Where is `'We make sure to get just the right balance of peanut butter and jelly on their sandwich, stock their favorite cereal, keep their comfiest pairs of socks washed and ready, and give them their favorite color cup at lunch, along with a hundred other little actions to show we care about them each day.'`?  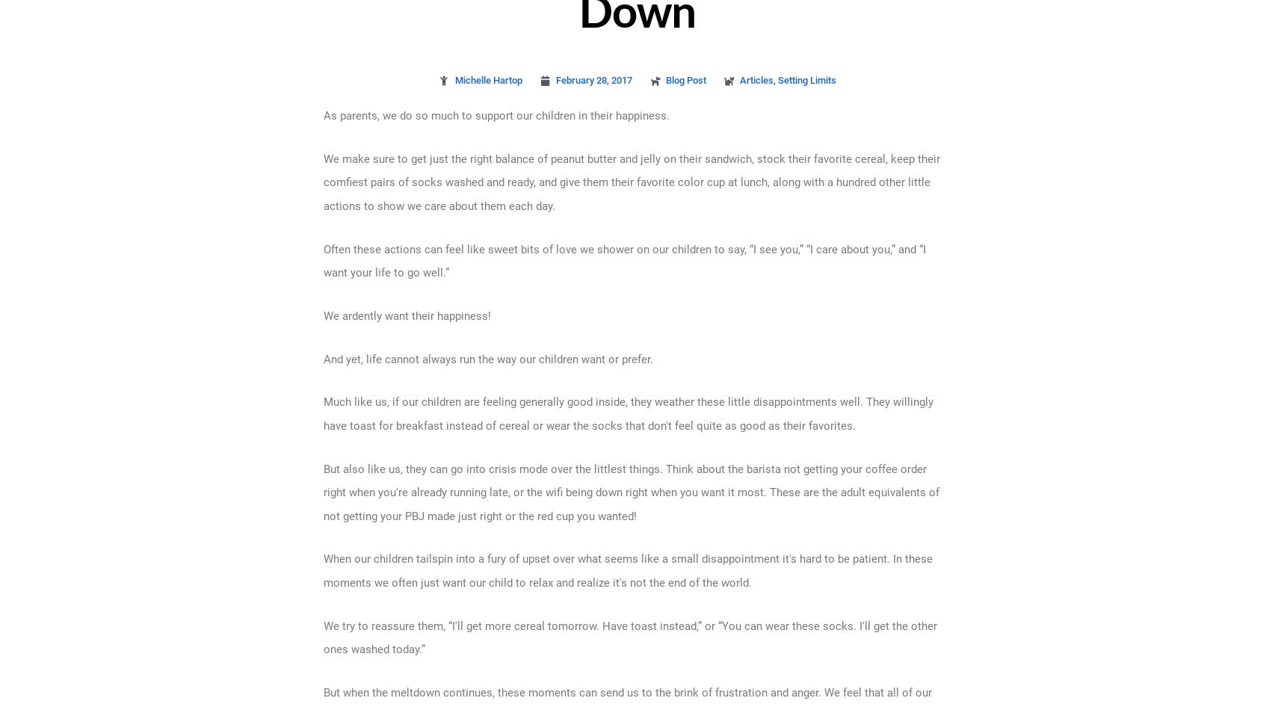
'We make sure to get just the right balance of peanut butter and jelly on their sandwich, stock their favorite cereal, keep their comfiest pairs of socks washed and ready, and give them their favorite color cup at lunch, along with a hundred other little actions to show we care about them each day.' is located at coordinates (631, 181).